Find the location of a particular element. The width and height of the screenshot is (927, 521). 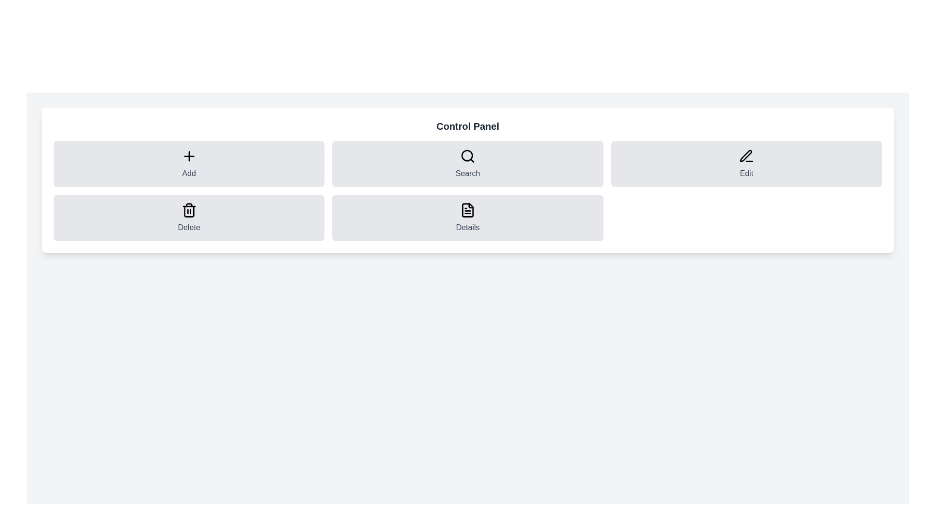

the 'Search' text label, which is styled with medium weight and gray color, located below the search icon in the top row center of the grid layout is located at coordinates (468, 173).